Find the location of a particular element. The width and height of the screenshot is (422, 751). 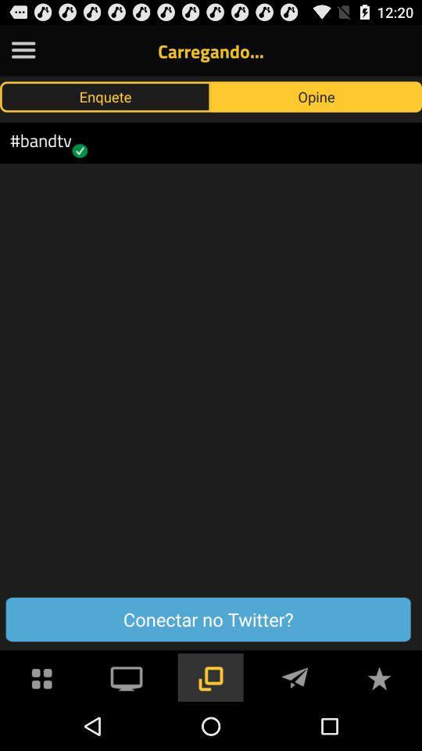

apps symbol is located at coordinates (42, 676).